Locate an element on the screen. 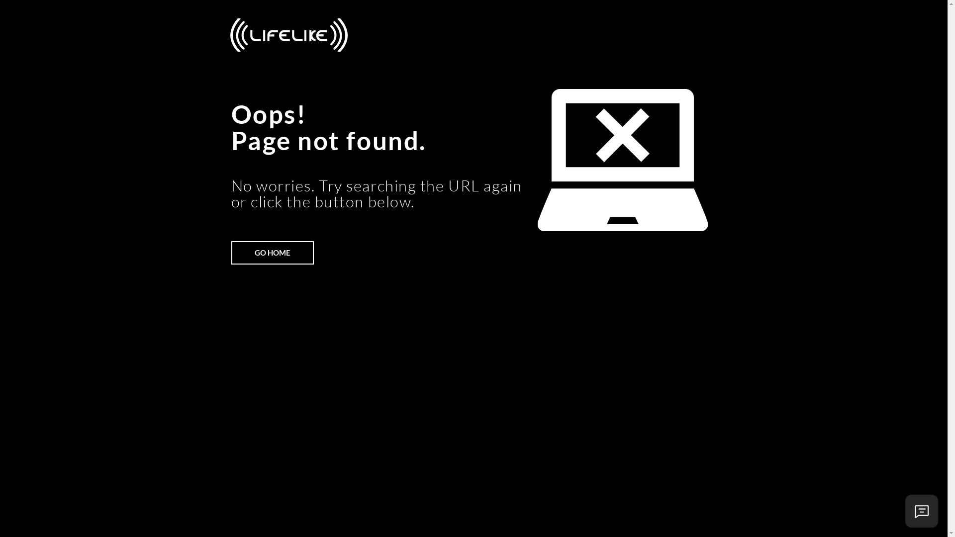  'GO HOME' is located at coordinates (272, 252).